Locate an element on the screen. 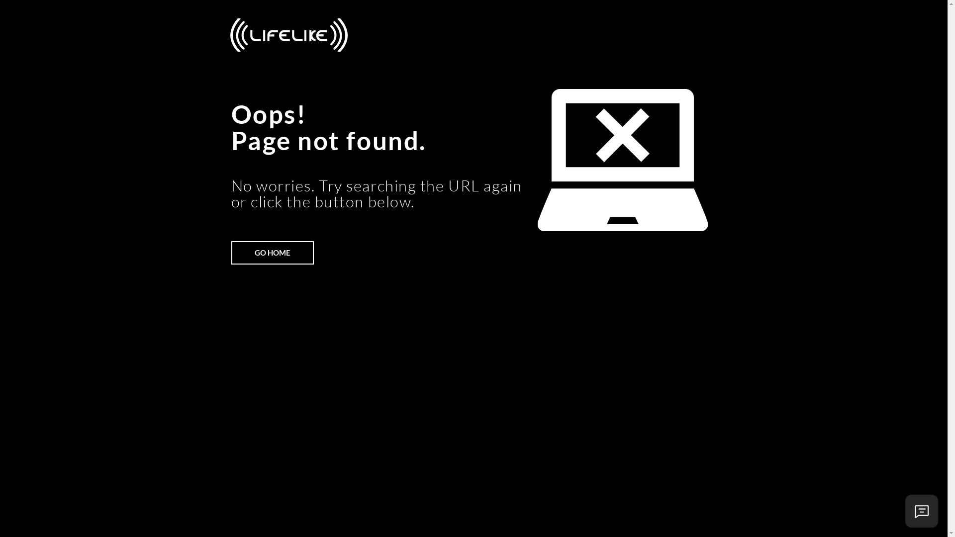  'GO HOME' is located at coordinates (272, 252).